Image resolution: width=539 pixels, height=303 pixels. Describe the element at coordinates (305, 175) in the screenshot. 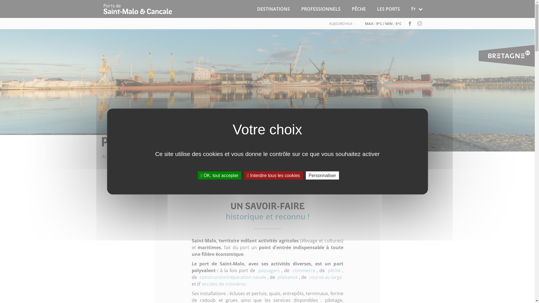

I see `'Personnaliser'` at that location.